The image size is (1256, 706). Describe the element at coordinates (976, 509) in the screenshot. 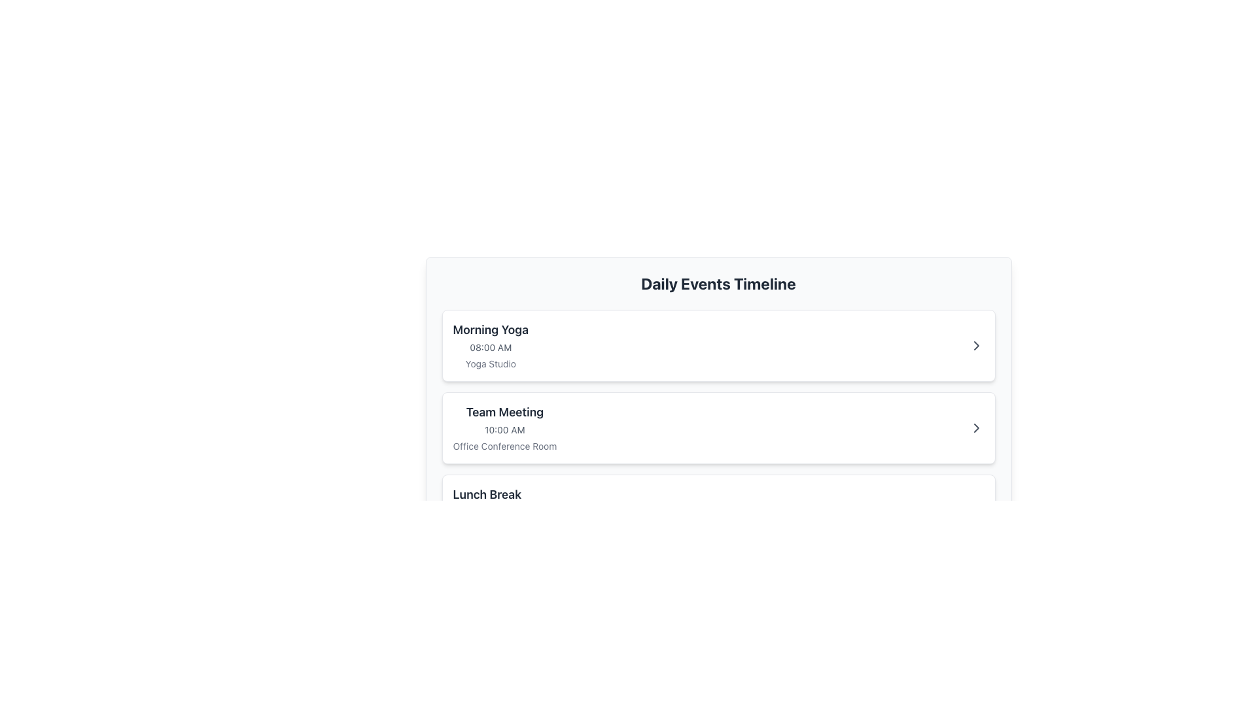

I see `the small right-pointing chevron icon button located at the far right within the 'Lunch Break' event panel for keyboard navigation` at that location.